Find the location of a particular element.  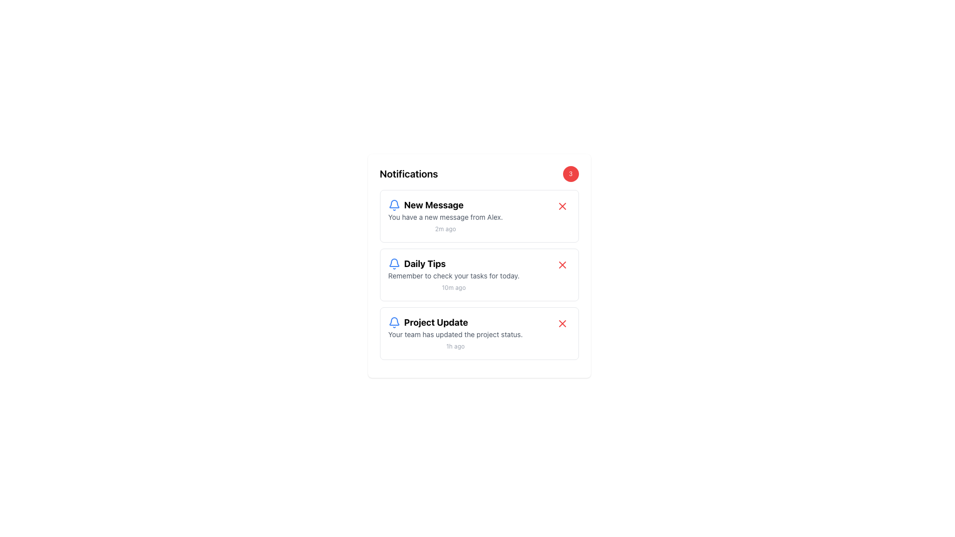

text 'Project Update' from the bold text label located at the top of the third notification entry in a stacked list of notifications is located at coordinates (455, 322).